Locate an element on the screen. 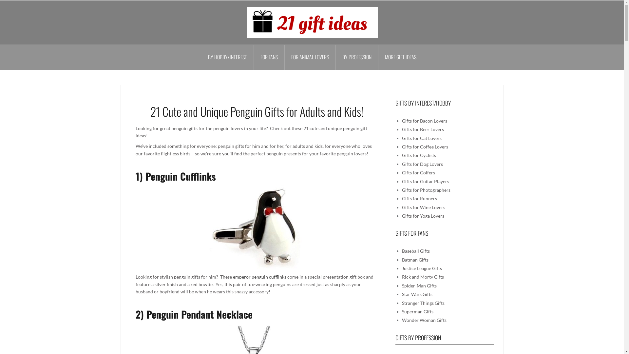 The image size is (629, 354). 'Gifts for Wine Lovers' is located at coordinates (423, 207).